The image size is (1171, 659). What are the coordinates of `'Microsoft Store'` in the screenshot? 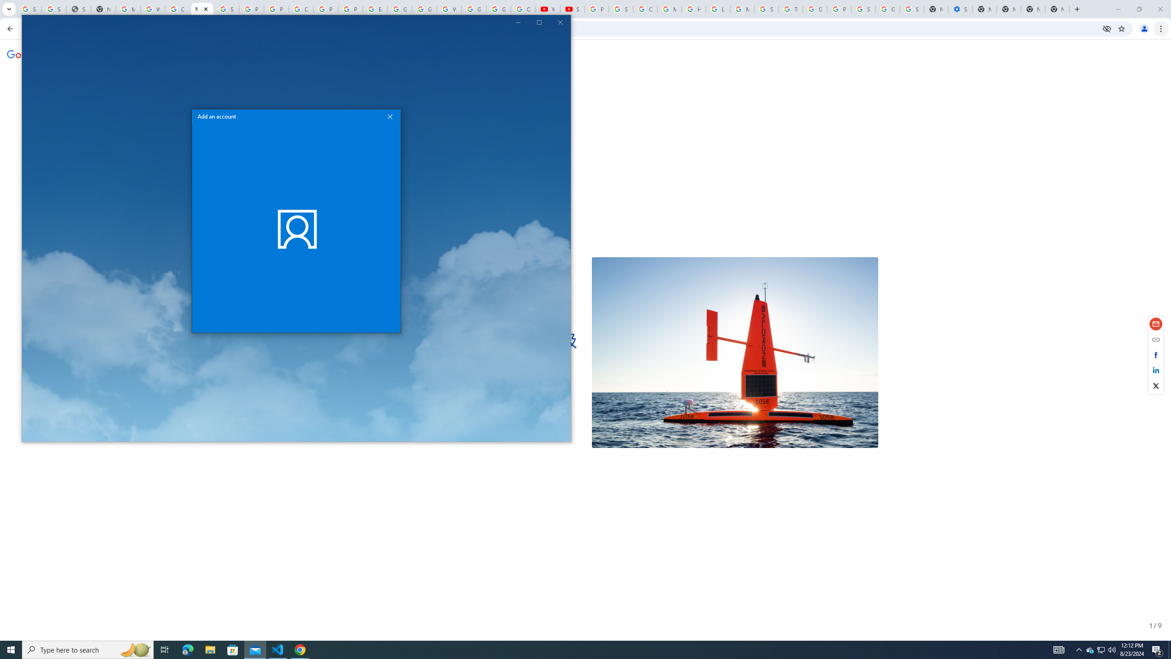 It's located at (278, 649).